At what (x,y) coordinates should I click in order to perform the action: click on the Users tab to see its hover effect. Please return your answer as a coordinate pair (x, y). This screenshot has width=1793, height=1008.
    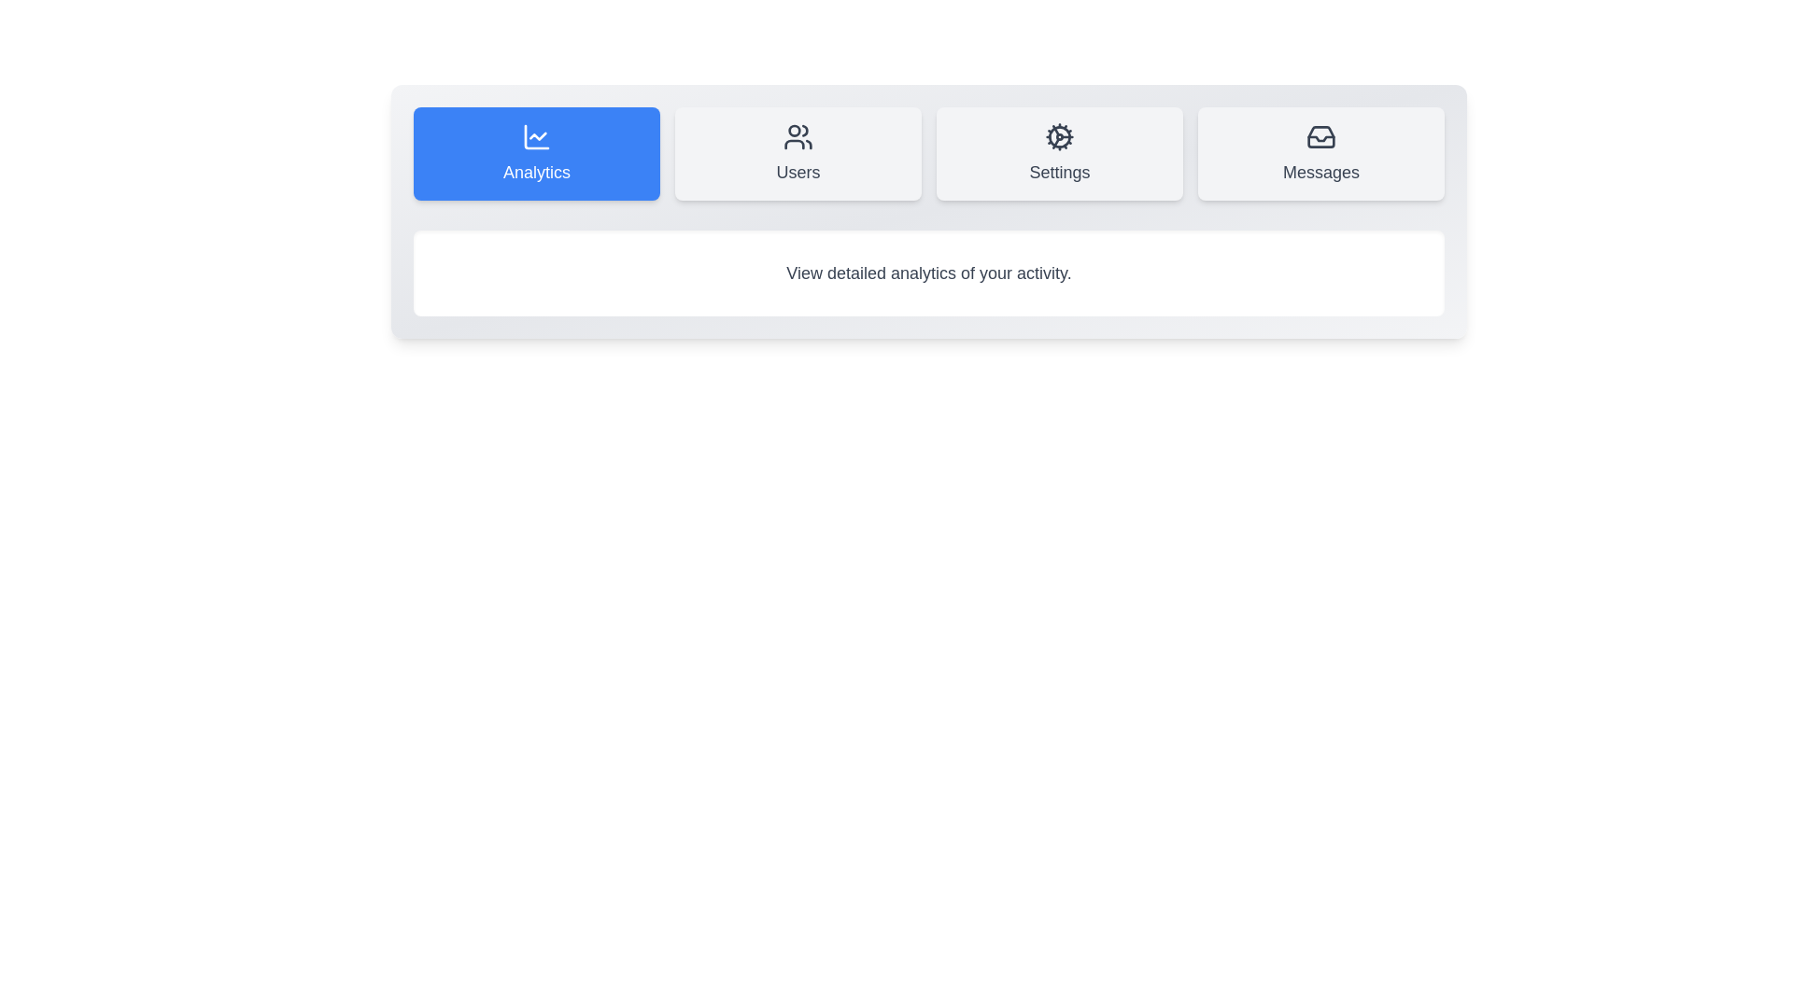
    Looking at the image, I should click on (798, 153).